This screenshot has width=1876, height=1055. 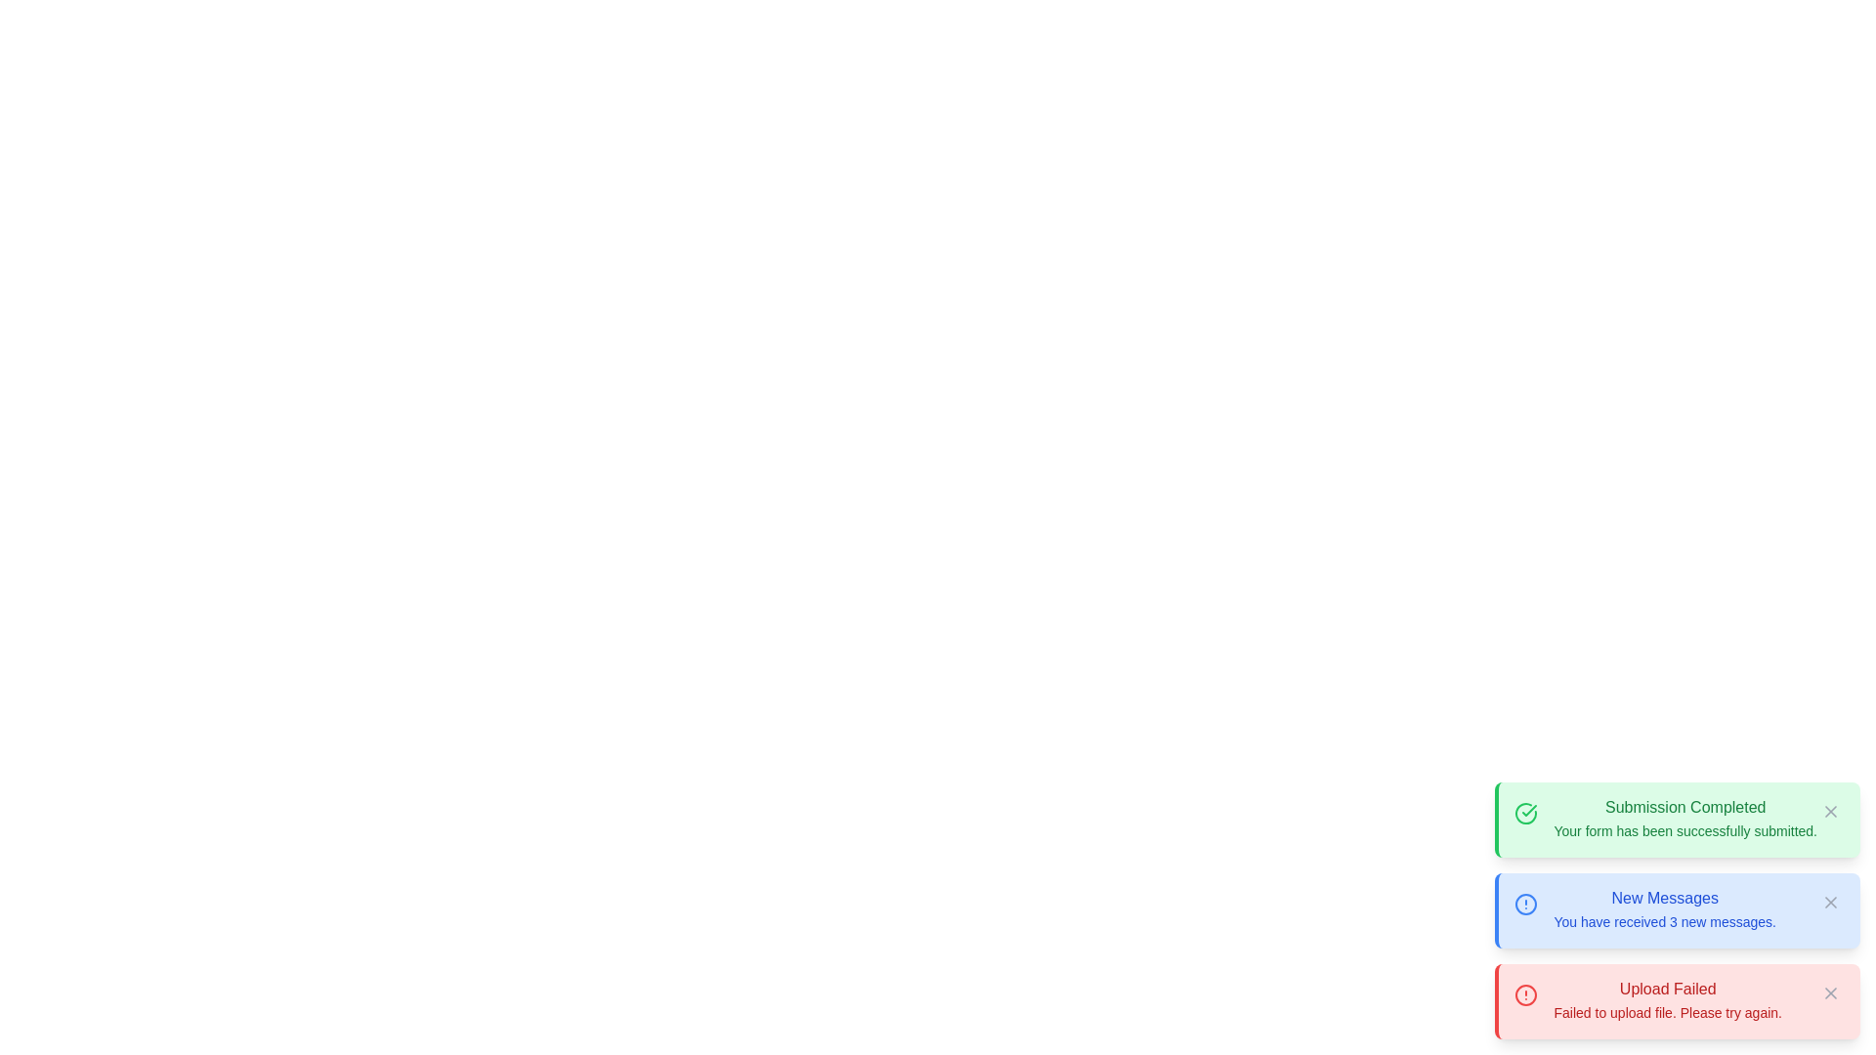 What do you see at coordinates (1684, 820) in the screenshot?
I see `the green notification box containing the text 'Submission Completed' and 'Your form has been successfully submitted.'` at bounding box center [1684, 820].